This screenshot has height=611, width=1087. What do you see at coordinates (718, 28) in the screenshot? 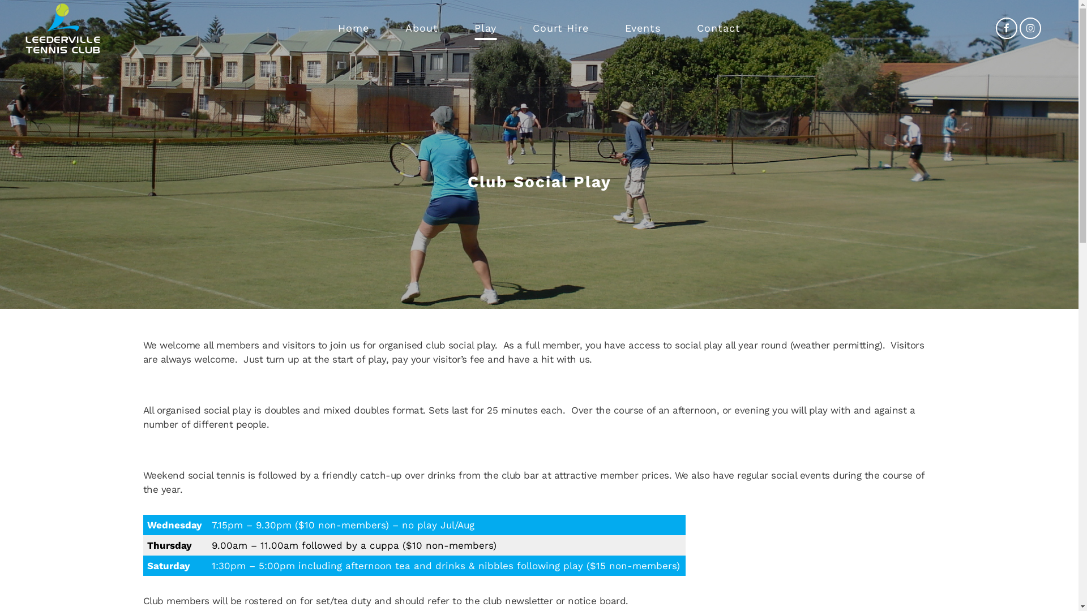
I see `'Contact'` at bounding box center [718, 28].